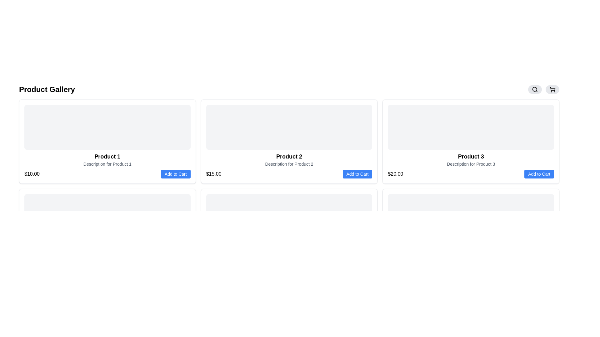 The image size is (600, 337). I want to click on the text label that displays the name of the product, located in the top-left product card, so click(107, 156).